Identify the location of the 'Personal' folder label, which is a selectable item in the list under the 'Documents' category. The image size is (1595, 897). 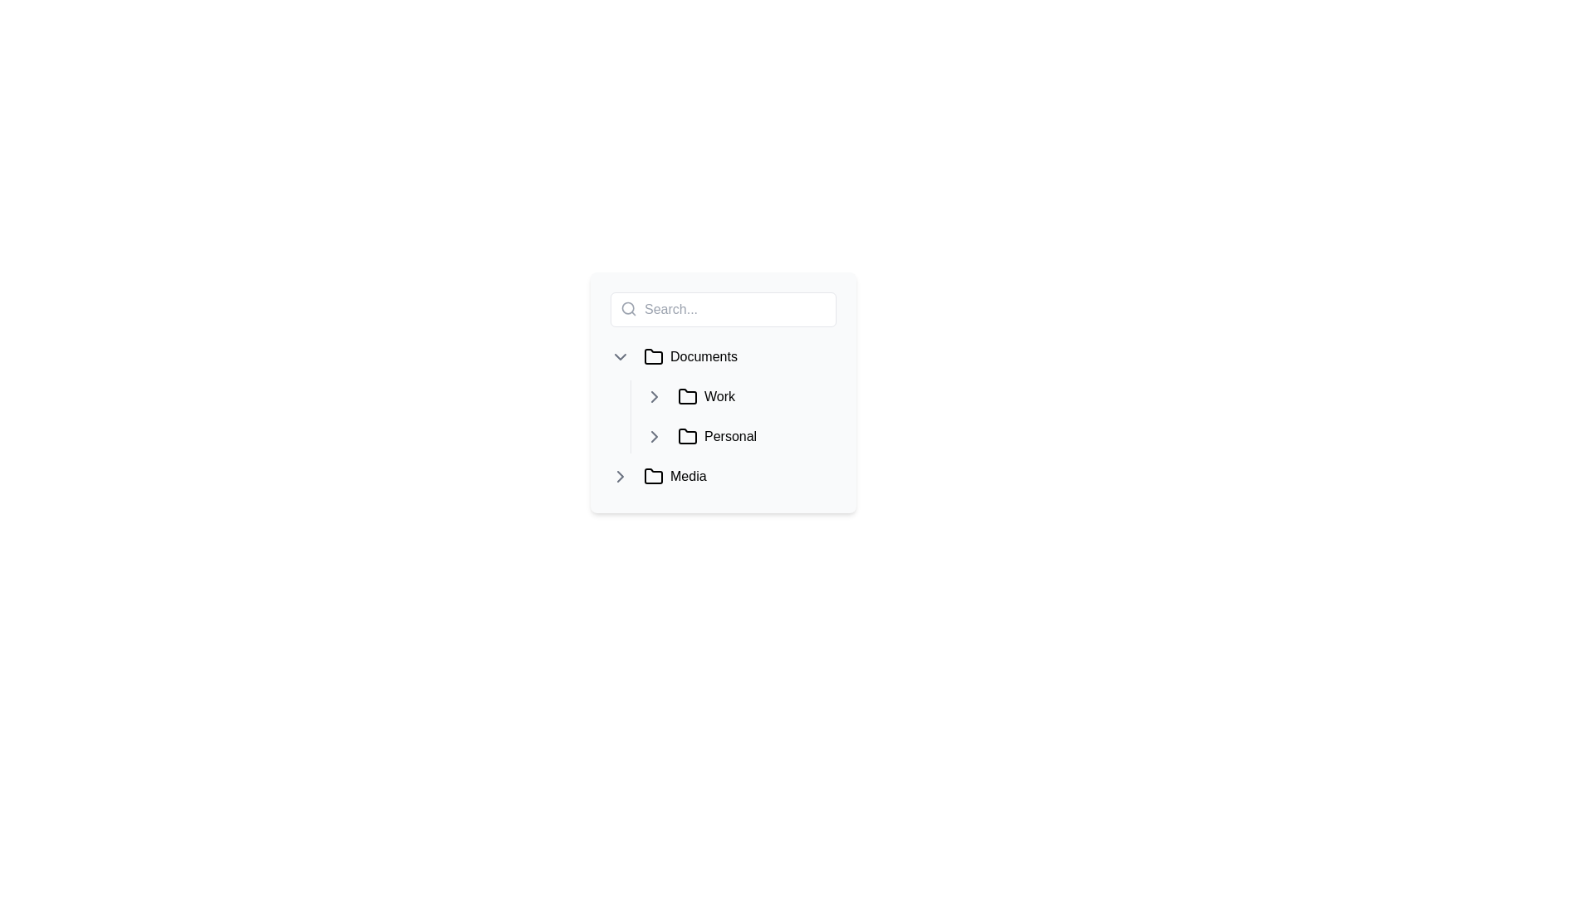
(730, 435).